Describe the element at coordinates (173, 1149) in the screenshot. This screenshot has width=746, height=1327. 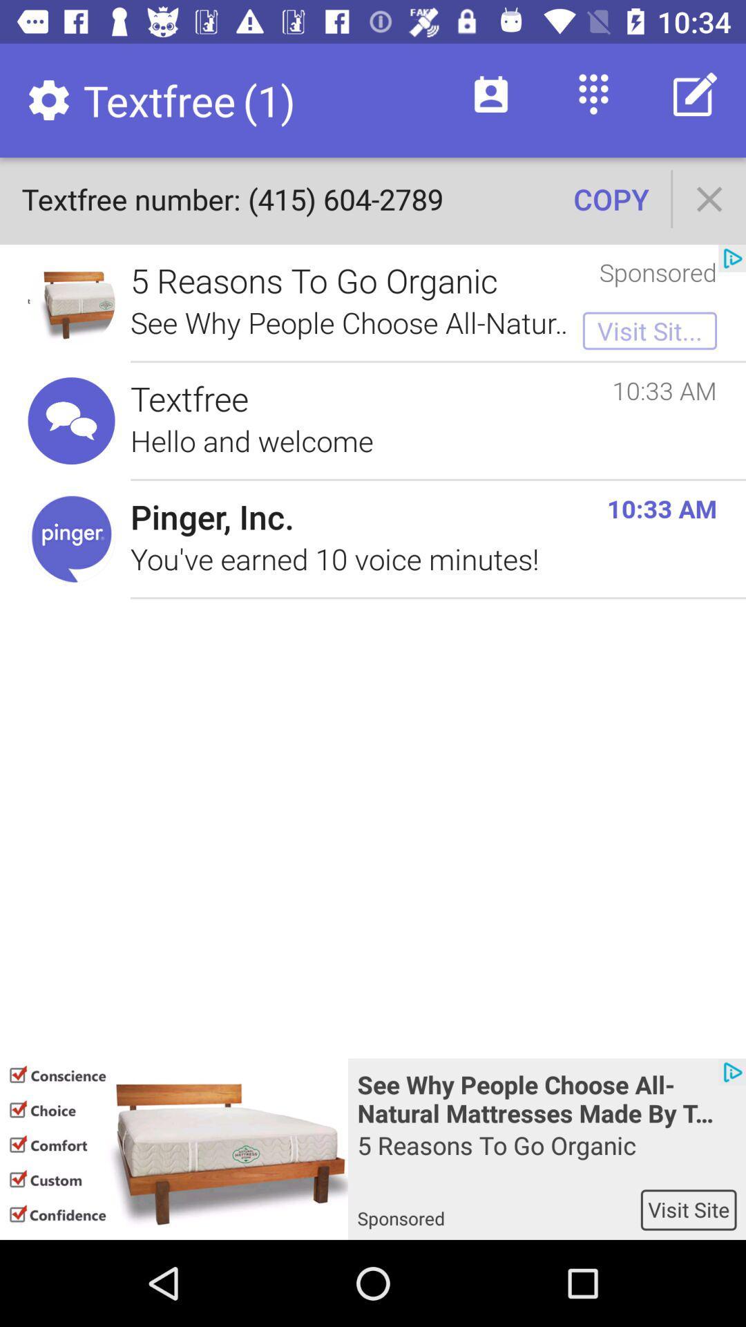
I see `icon at the bottom left corner` at that location.